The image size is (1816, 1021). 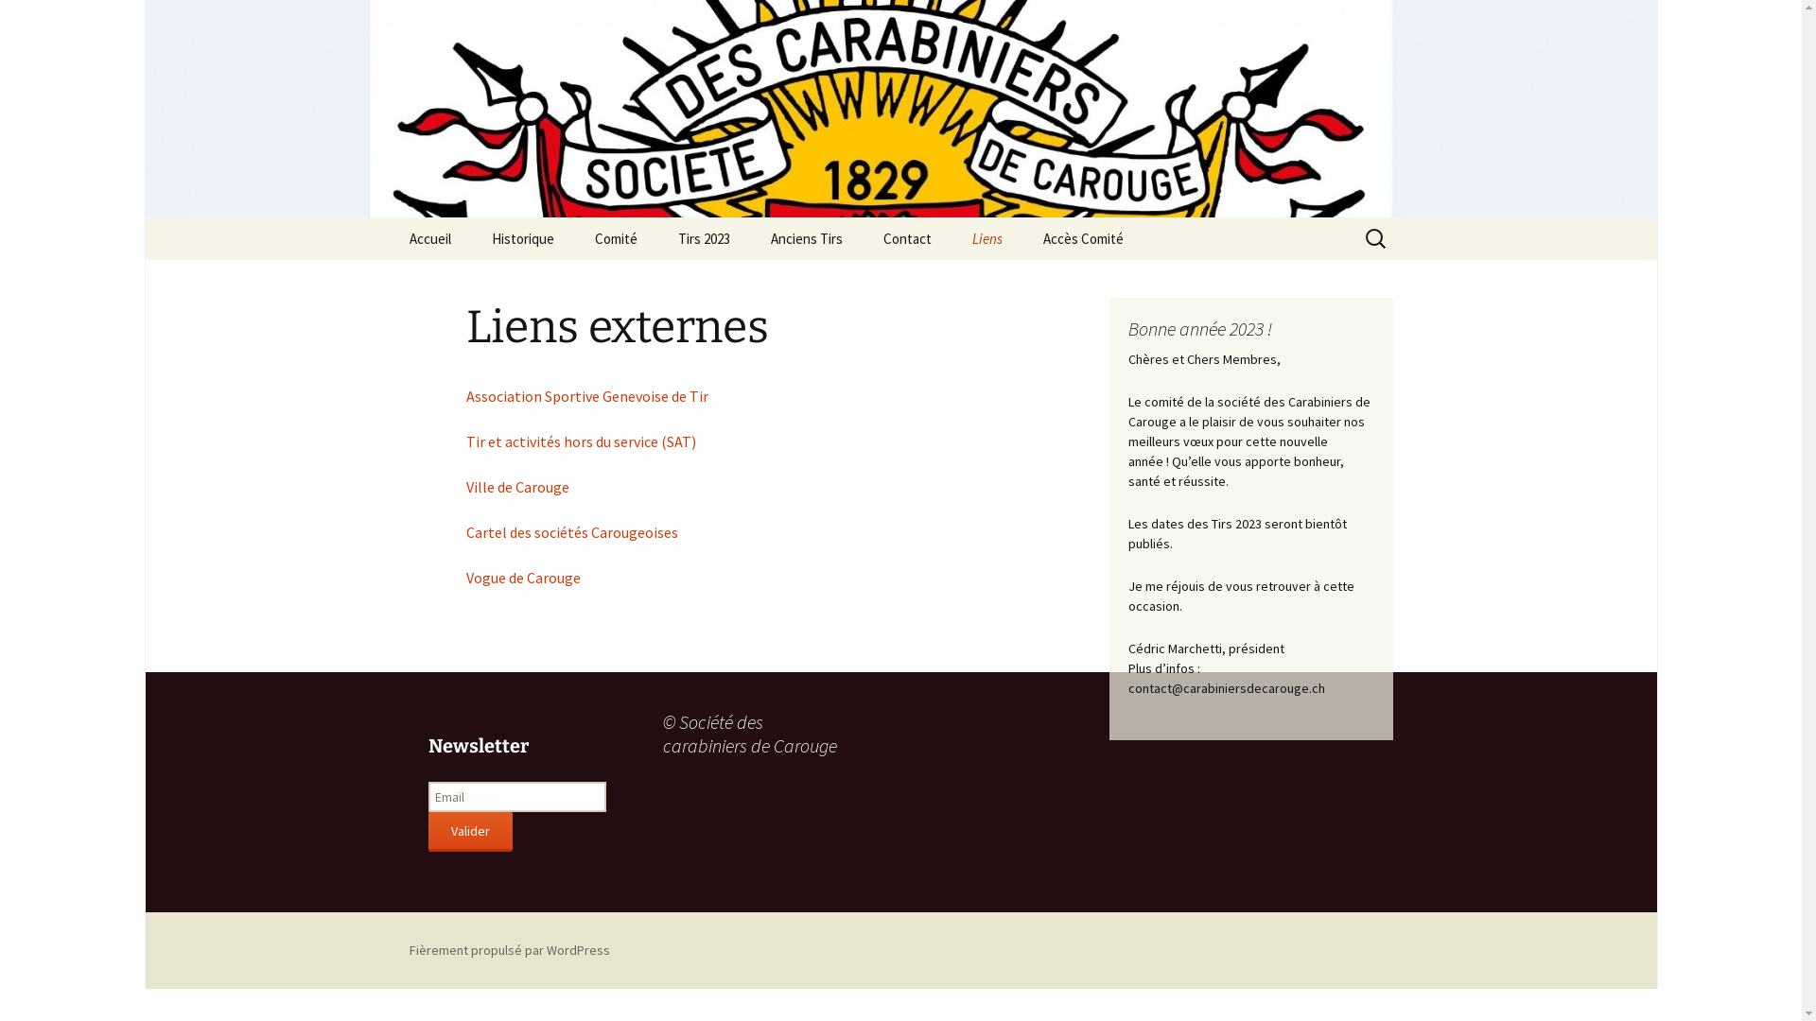 What do you see at coordinates (0, 21) in the screenshot?
I see `'Rechercher'` at bounding box center [0, 21].